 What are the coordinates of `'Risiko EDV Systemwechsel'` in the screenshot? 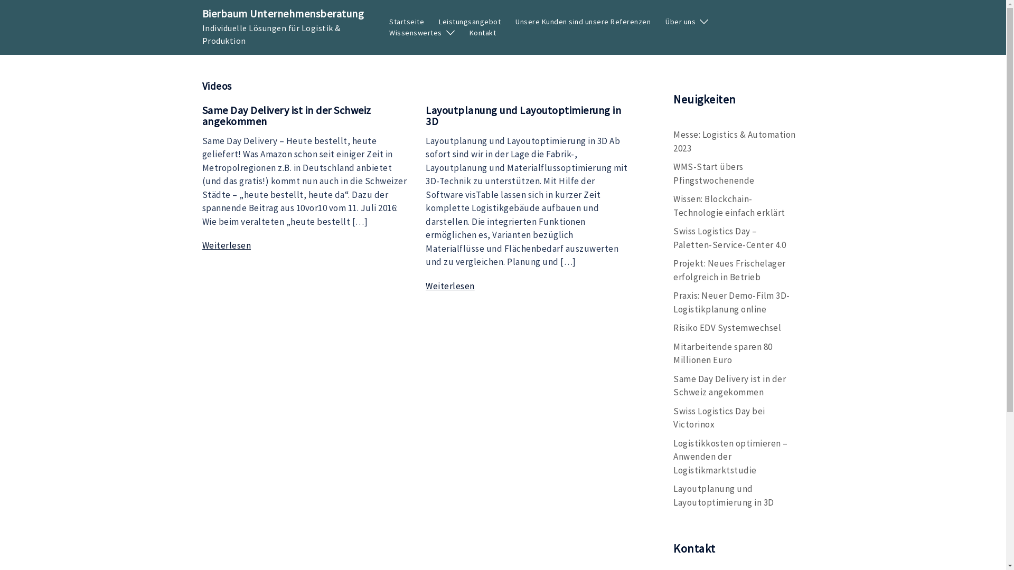 It's located at (727, 327).